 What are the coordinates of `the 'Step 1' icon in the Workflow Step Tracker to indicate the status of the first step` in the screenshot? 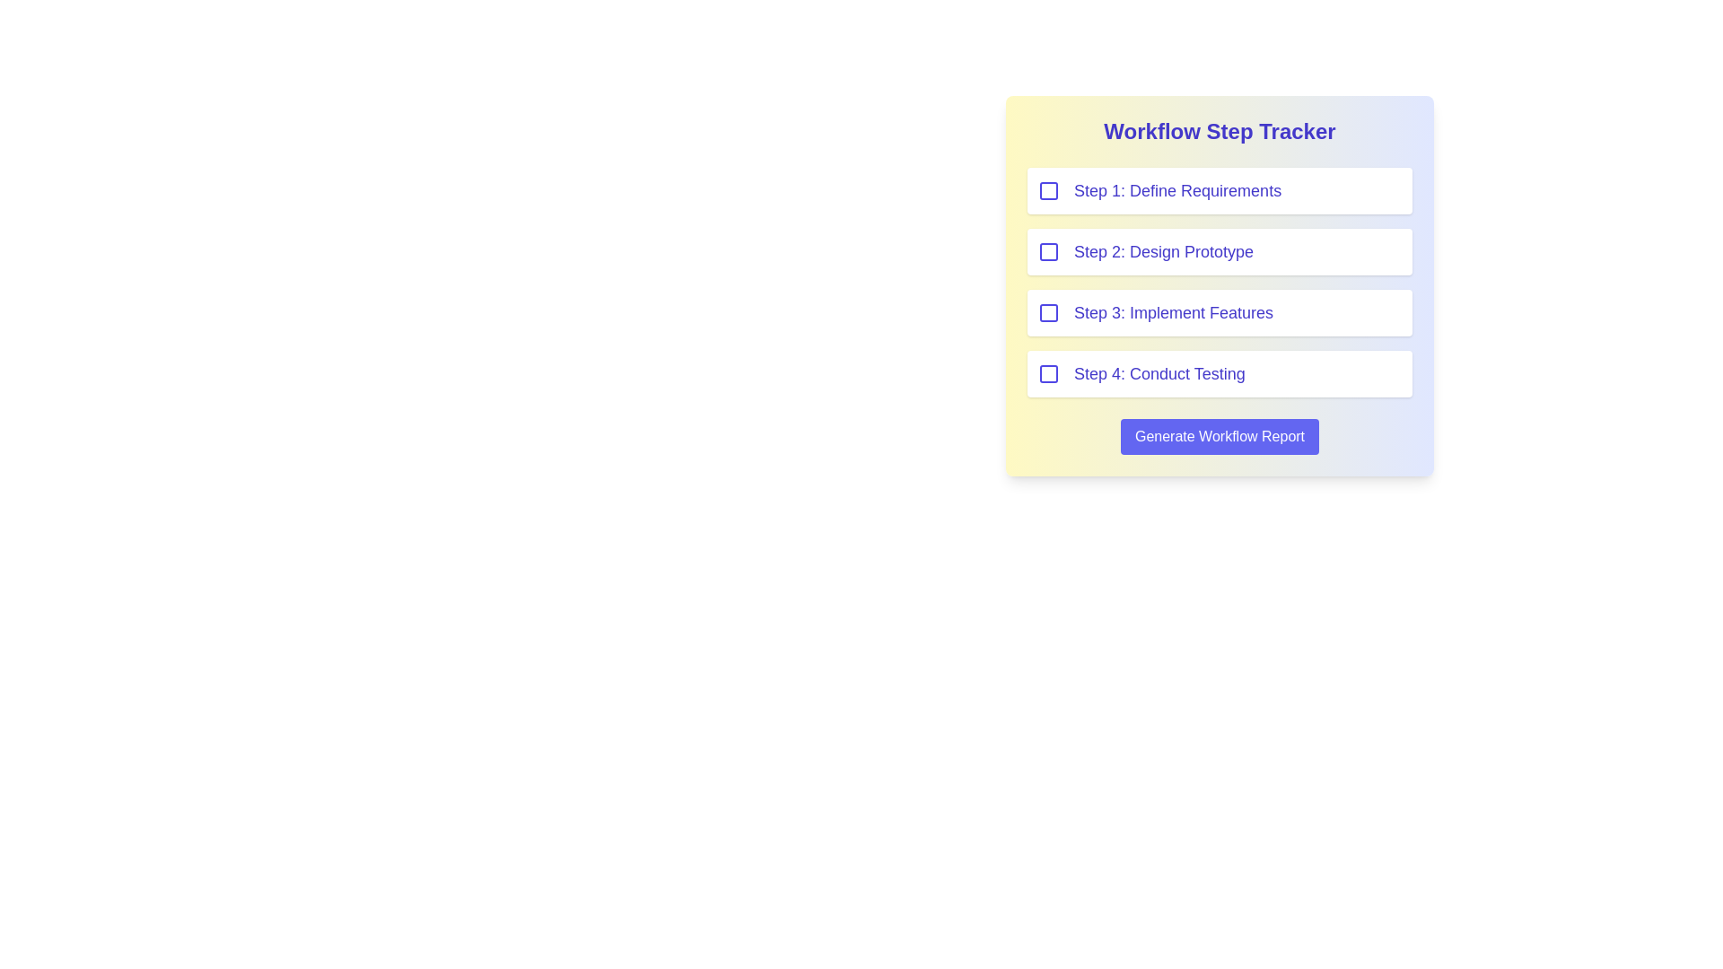 It's located at (1049, 190).